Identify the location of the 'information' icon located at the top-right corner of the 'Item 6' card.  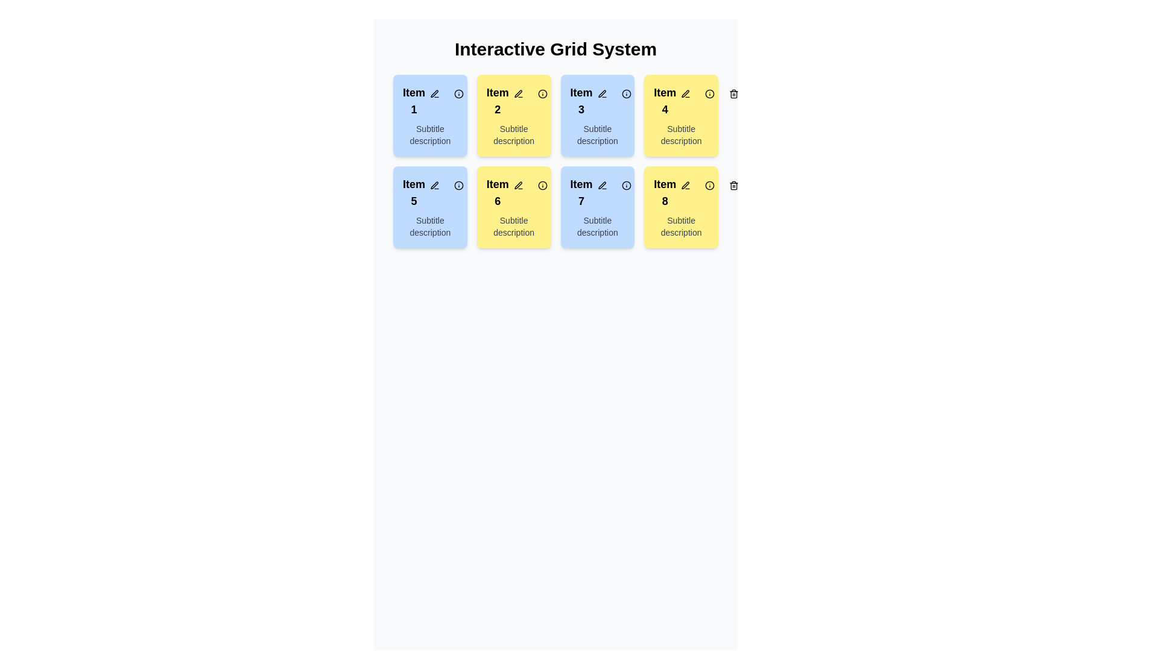
(542, 186).